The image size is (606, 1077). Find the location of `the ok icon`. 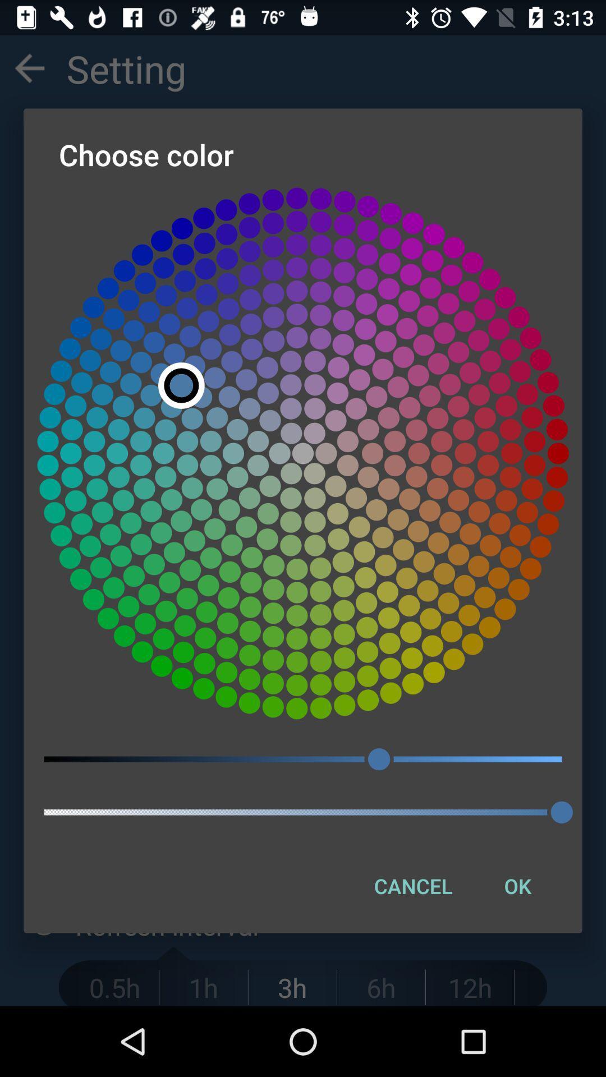

the ok icon is located at coordinates (517, 885).